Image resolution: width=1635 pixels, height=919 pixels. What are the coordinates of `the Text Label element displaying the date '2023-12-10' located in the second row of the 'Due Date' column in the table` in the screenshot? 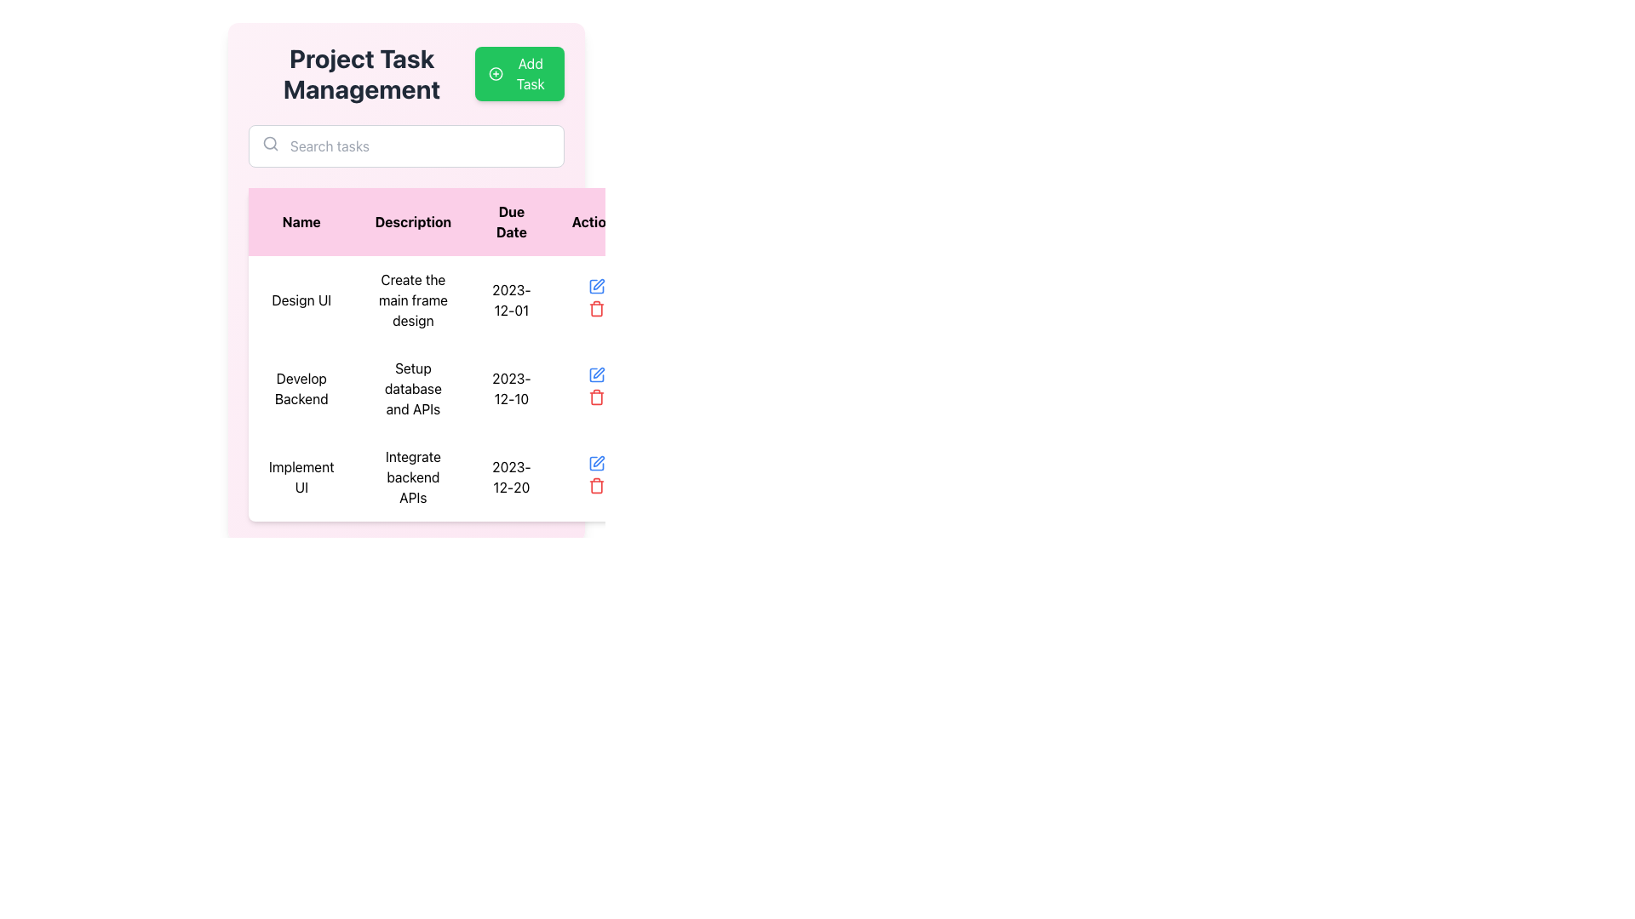 It's located at (510, 388).